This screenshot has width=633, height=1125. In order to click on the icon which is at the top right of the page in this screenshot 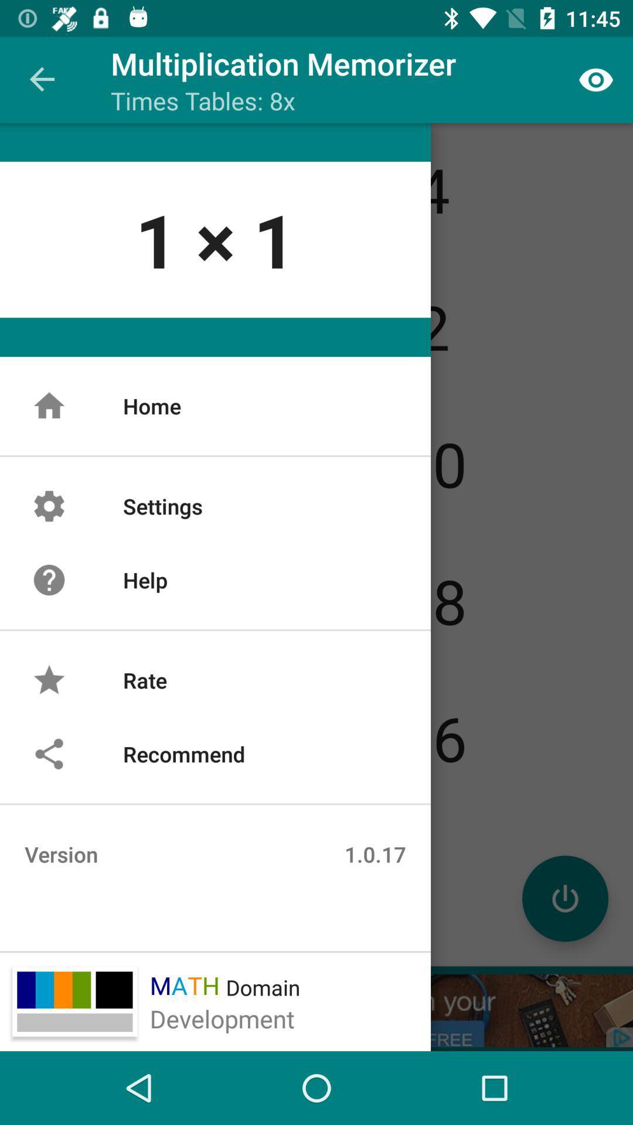, I will do `click(596, 80)`.